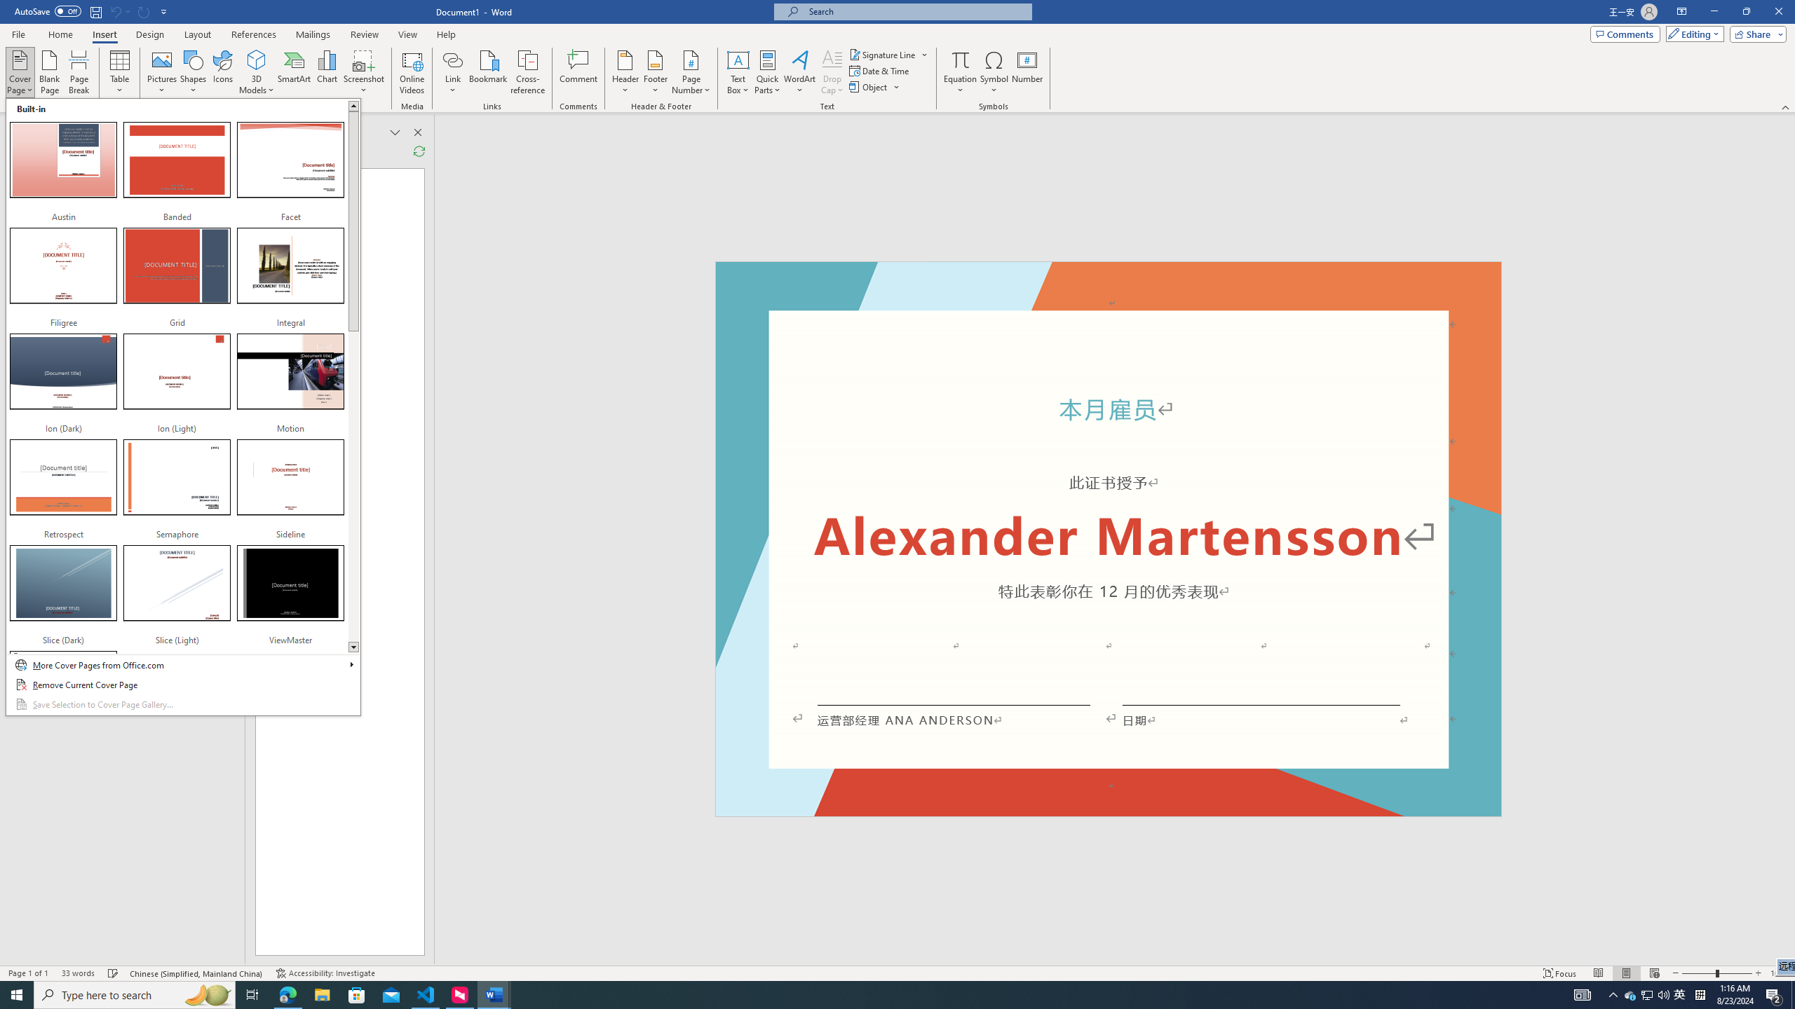  What do you see at coordinates (914, 11) in the screenshot?
I see `'Microsoft search'` at bounding box center [914, 11].